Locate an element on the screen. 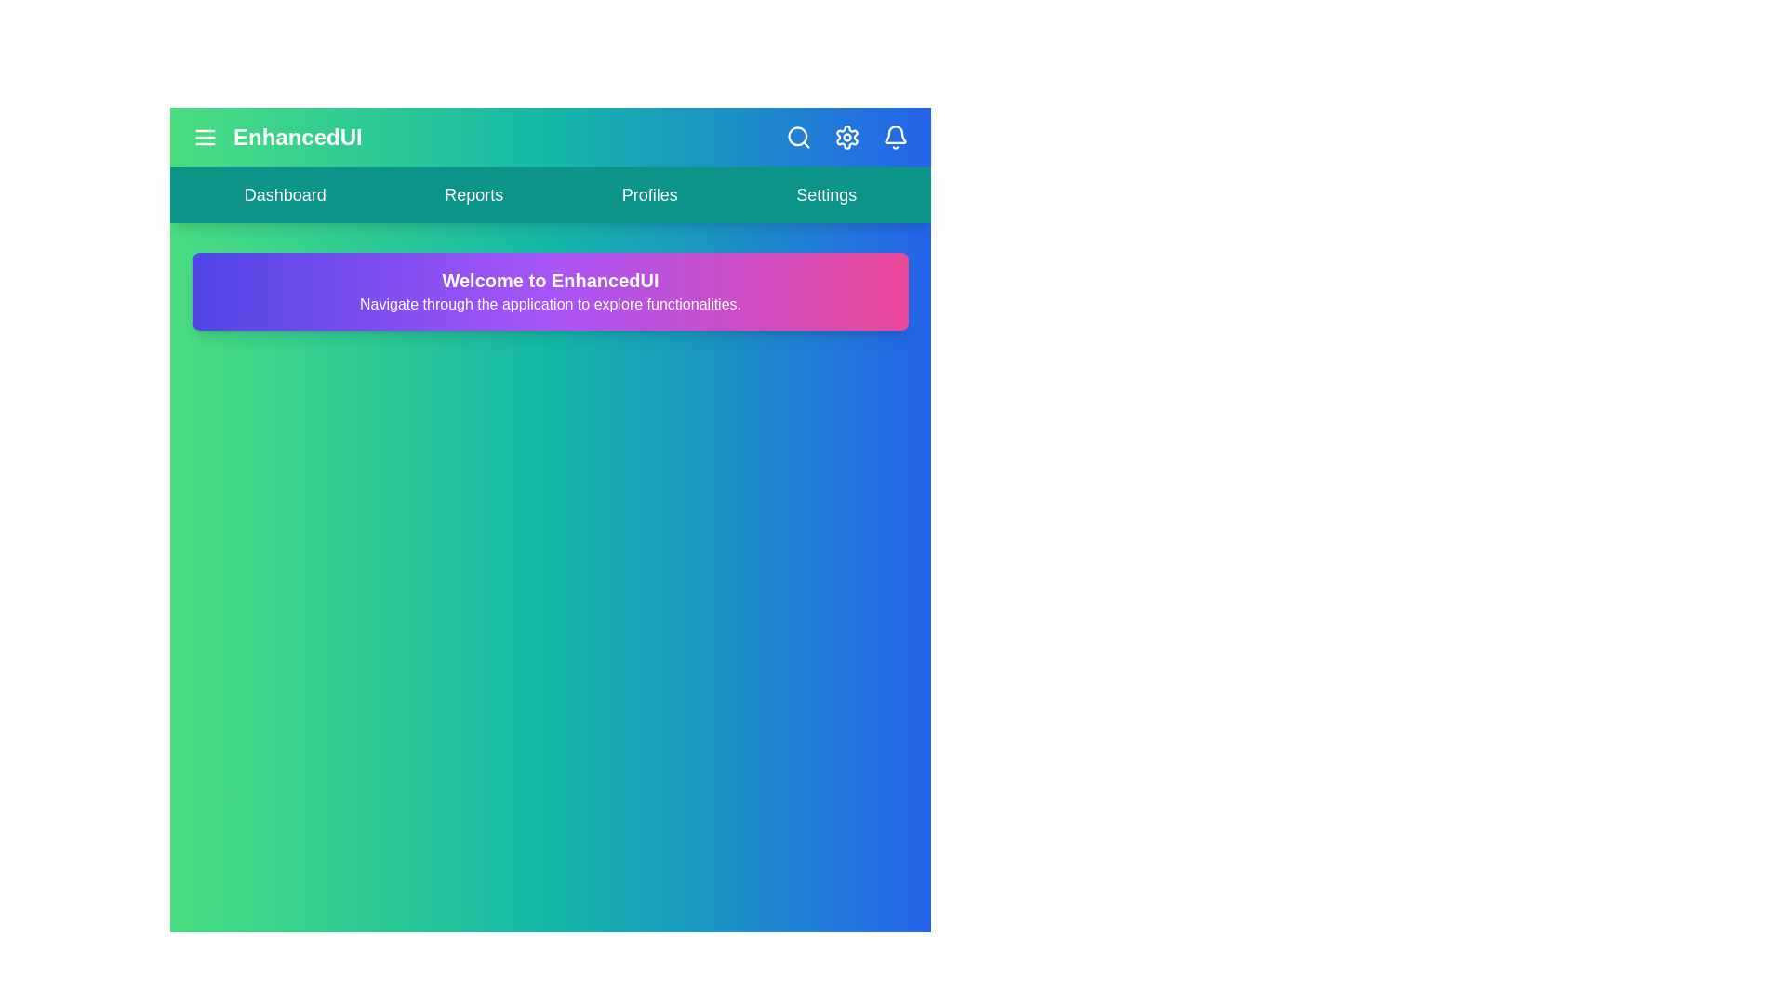  the navigation link labeled 'Dashboard' to preview its hover effect is located at coordinates (284, 194).